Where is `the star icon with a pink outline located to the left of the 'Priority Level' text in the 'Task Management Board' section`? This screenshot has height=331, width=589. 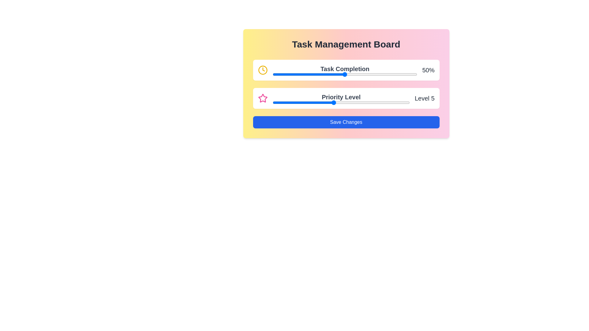
the star icon with a pink outline located to the left of the 'Priority Level' text in the 'Task Management Board' section is located at coordinates (263, 98).